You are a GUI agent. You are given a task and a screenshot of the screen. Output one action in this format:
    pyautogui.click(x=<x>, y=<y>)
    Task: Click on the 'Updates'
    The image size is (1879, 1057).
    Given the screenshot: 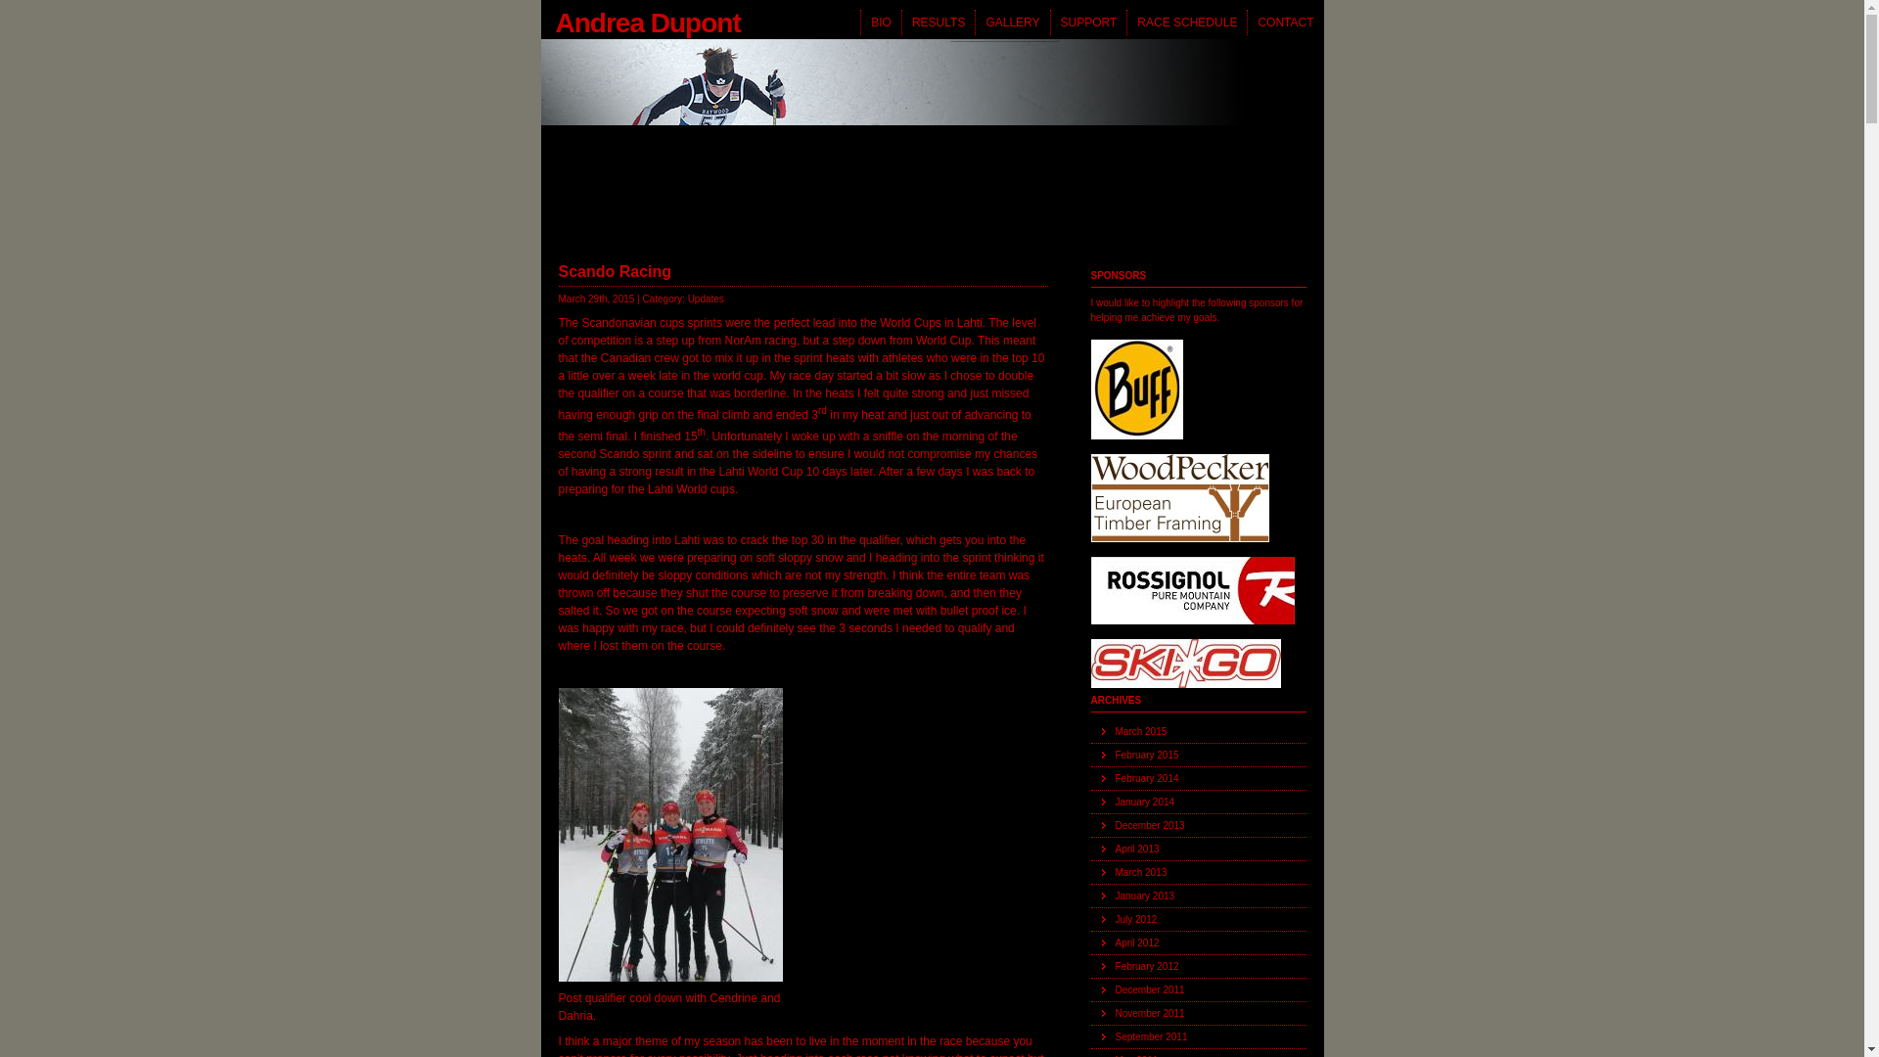 What is the action you would take?
    pyautogui.click(x=705, y=299)
    